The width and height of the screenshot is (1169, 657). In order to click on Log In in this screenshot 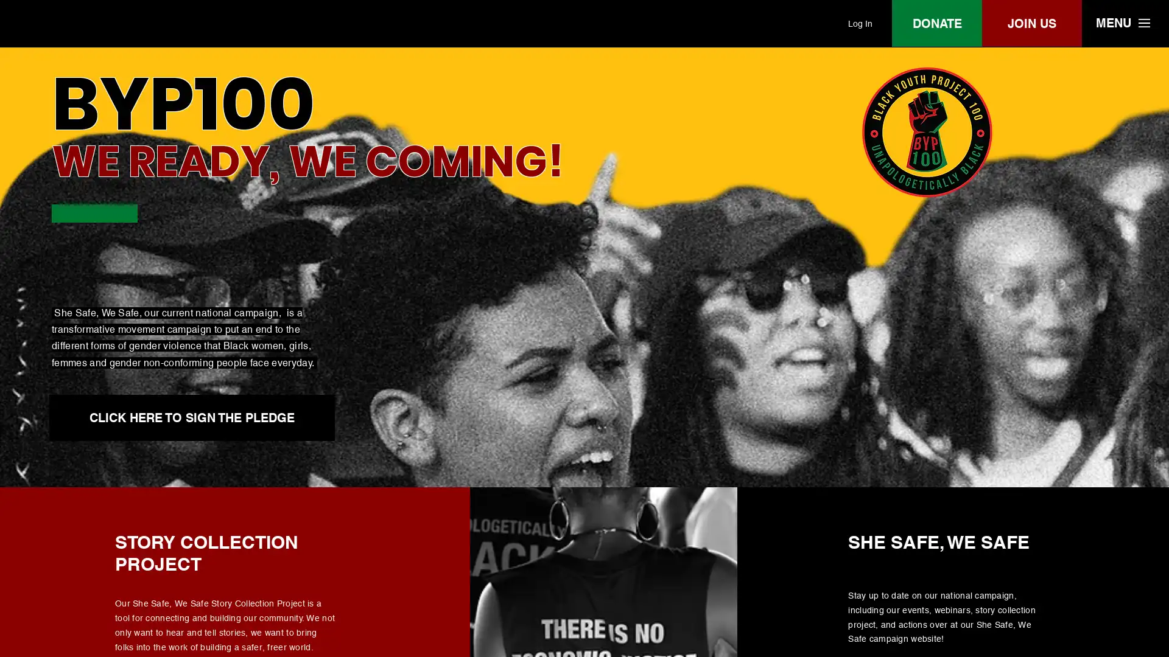, I will do `click(859, 23)`.